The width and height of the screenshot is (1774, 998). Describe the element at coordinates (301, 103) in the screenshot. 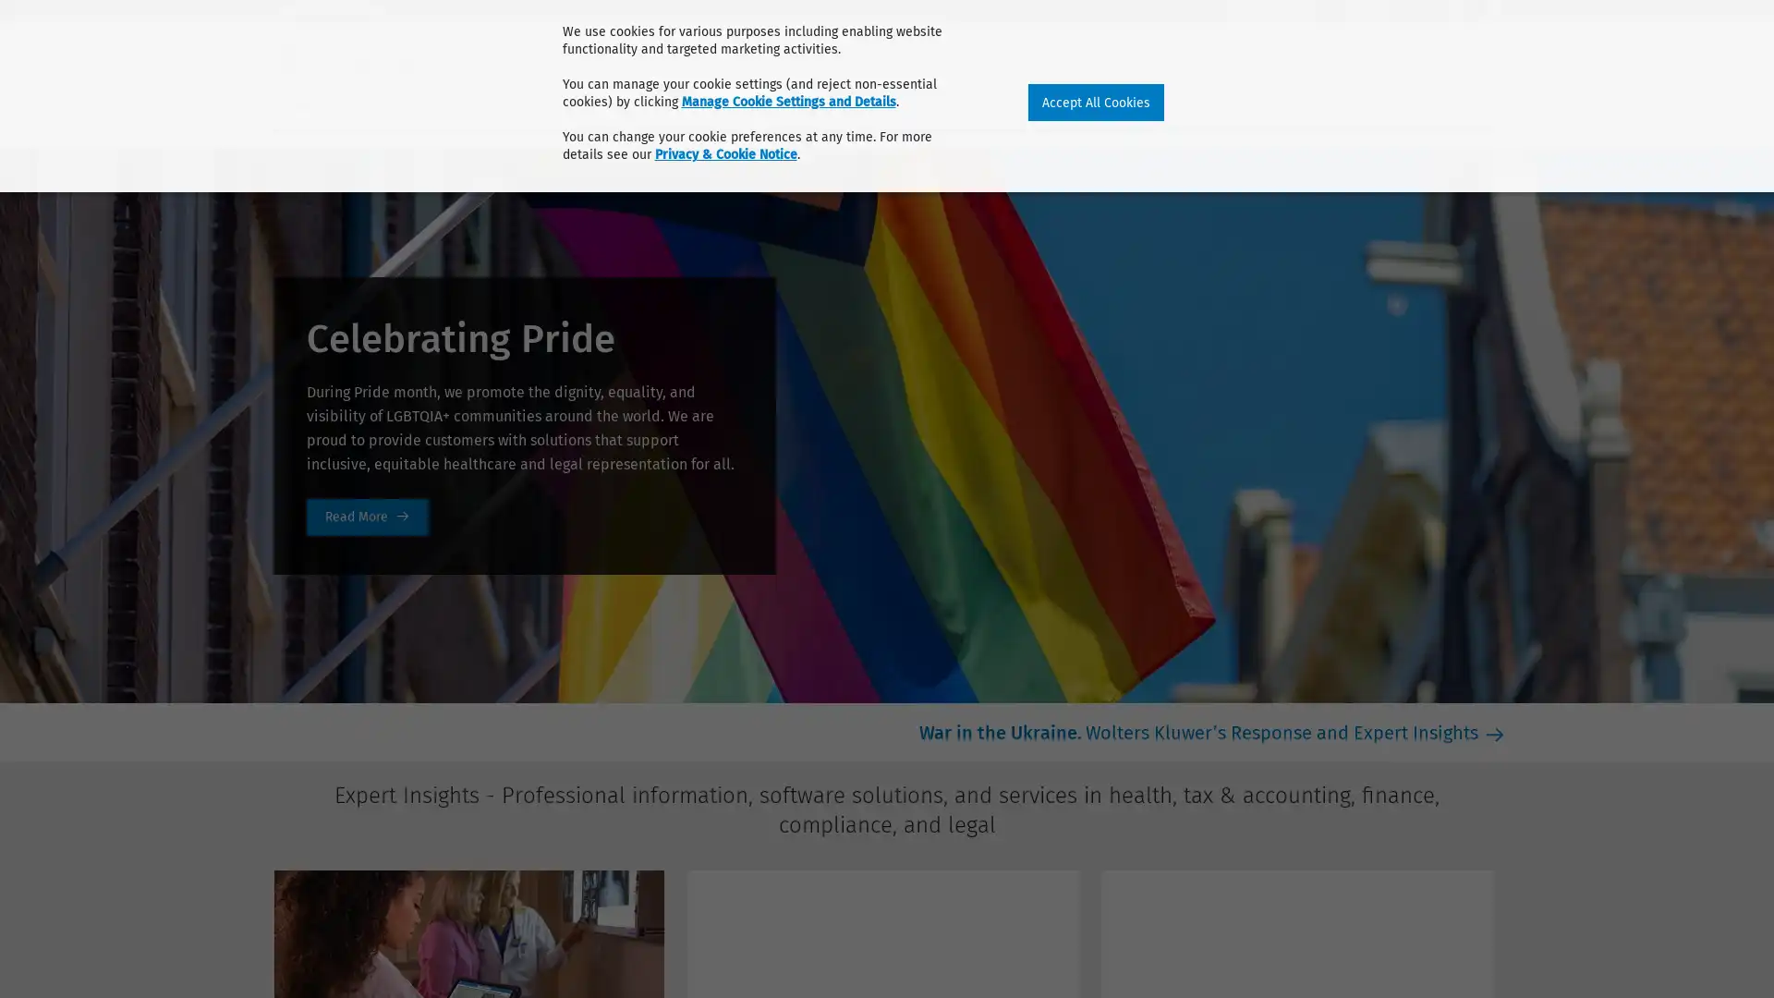

I see `Health` at that location.